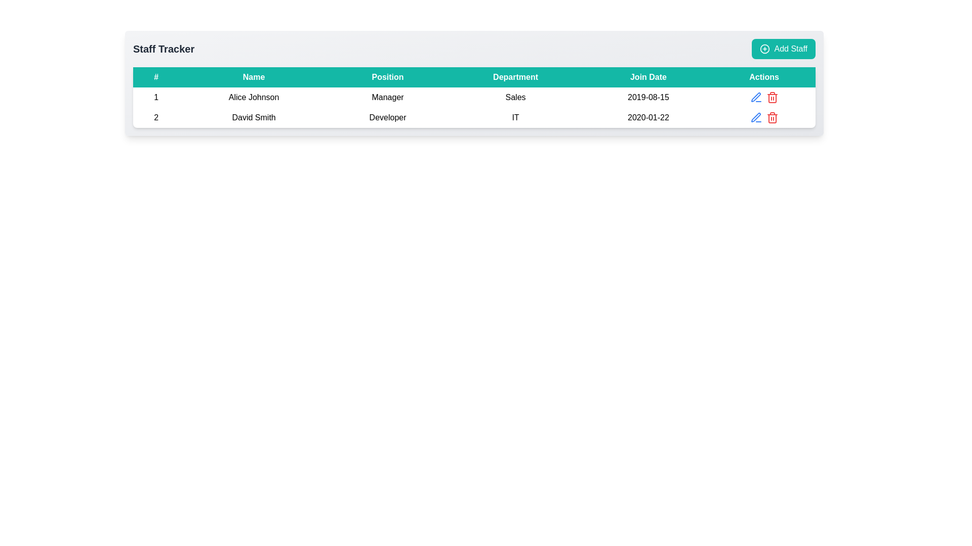 The width and height of the screenshot is (972, 546). Describe the element at coordinates (254, 77) in the screenshot. I see `the 'Name' column header cell` at that location.